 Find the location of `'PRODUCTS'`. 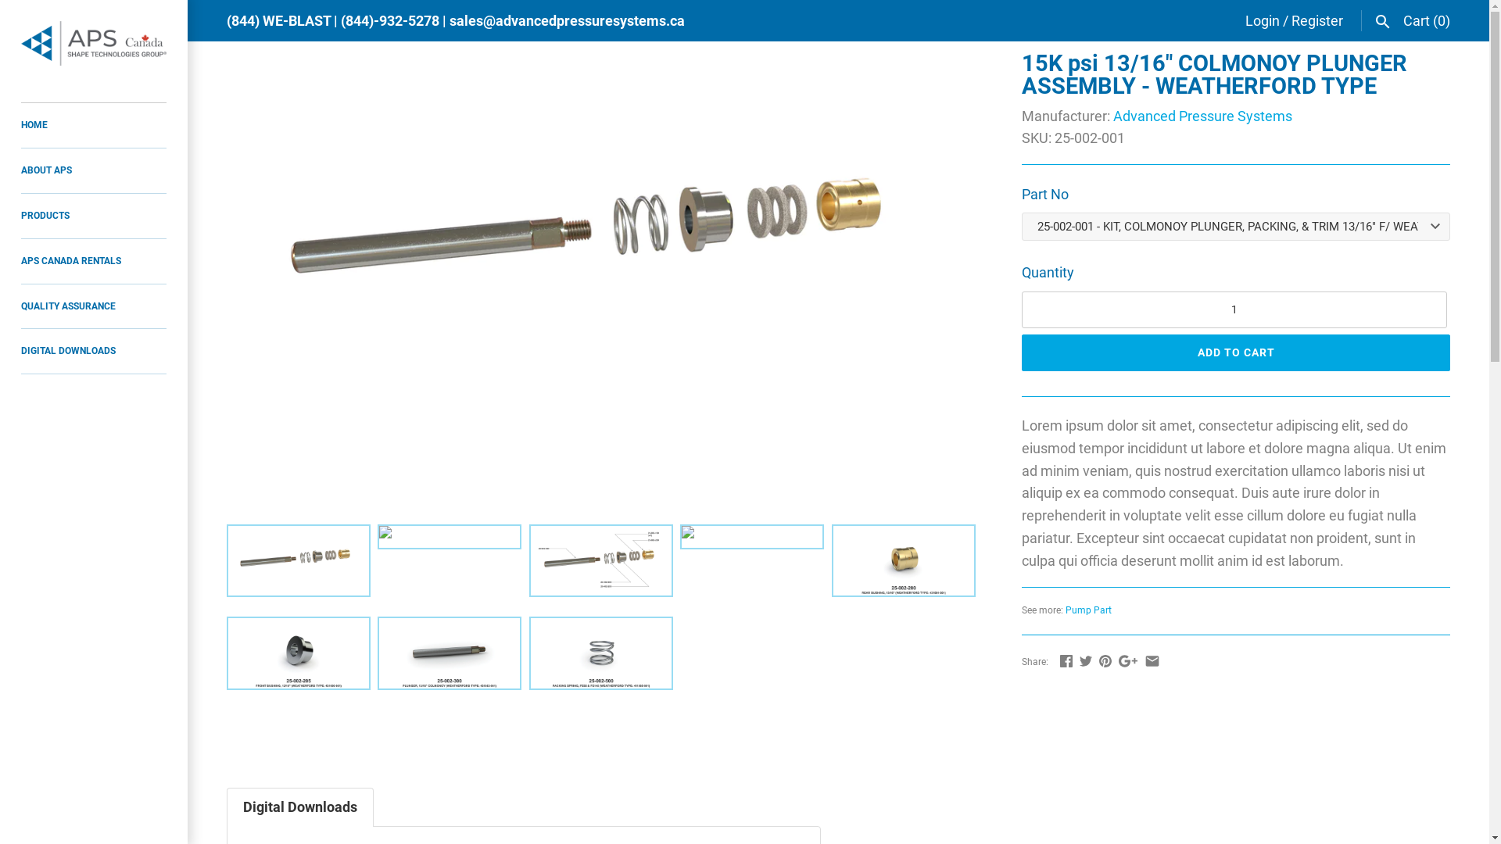

'PRODUCTS' is located at coordinates (93, 216).